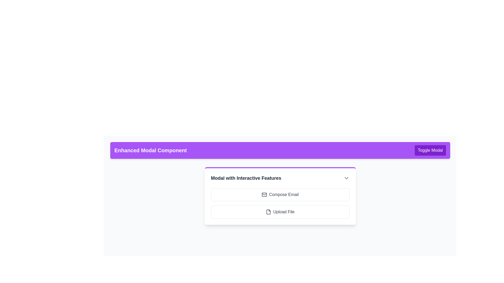  What do you see at coordinates (264, 195) in the screenshot?
I see `the envelope icon in the 'Compose Email' row of the 'Modal with Interactive Features'` at bounding box center [264, 195].